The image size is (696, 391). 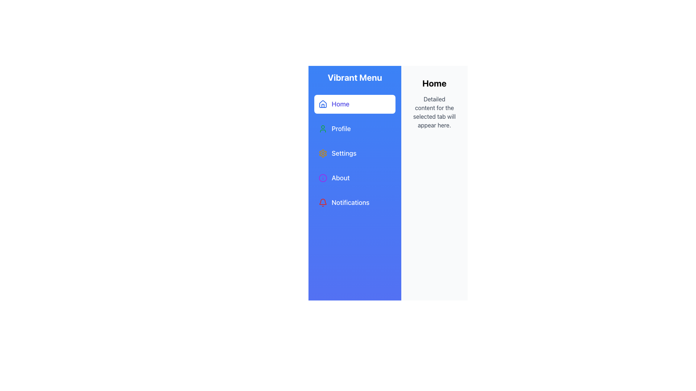 I want to click on the green user icon located inside the blue sidebar menu, positioned to the left of the 'Profile' text, so click(x=323, y=128).